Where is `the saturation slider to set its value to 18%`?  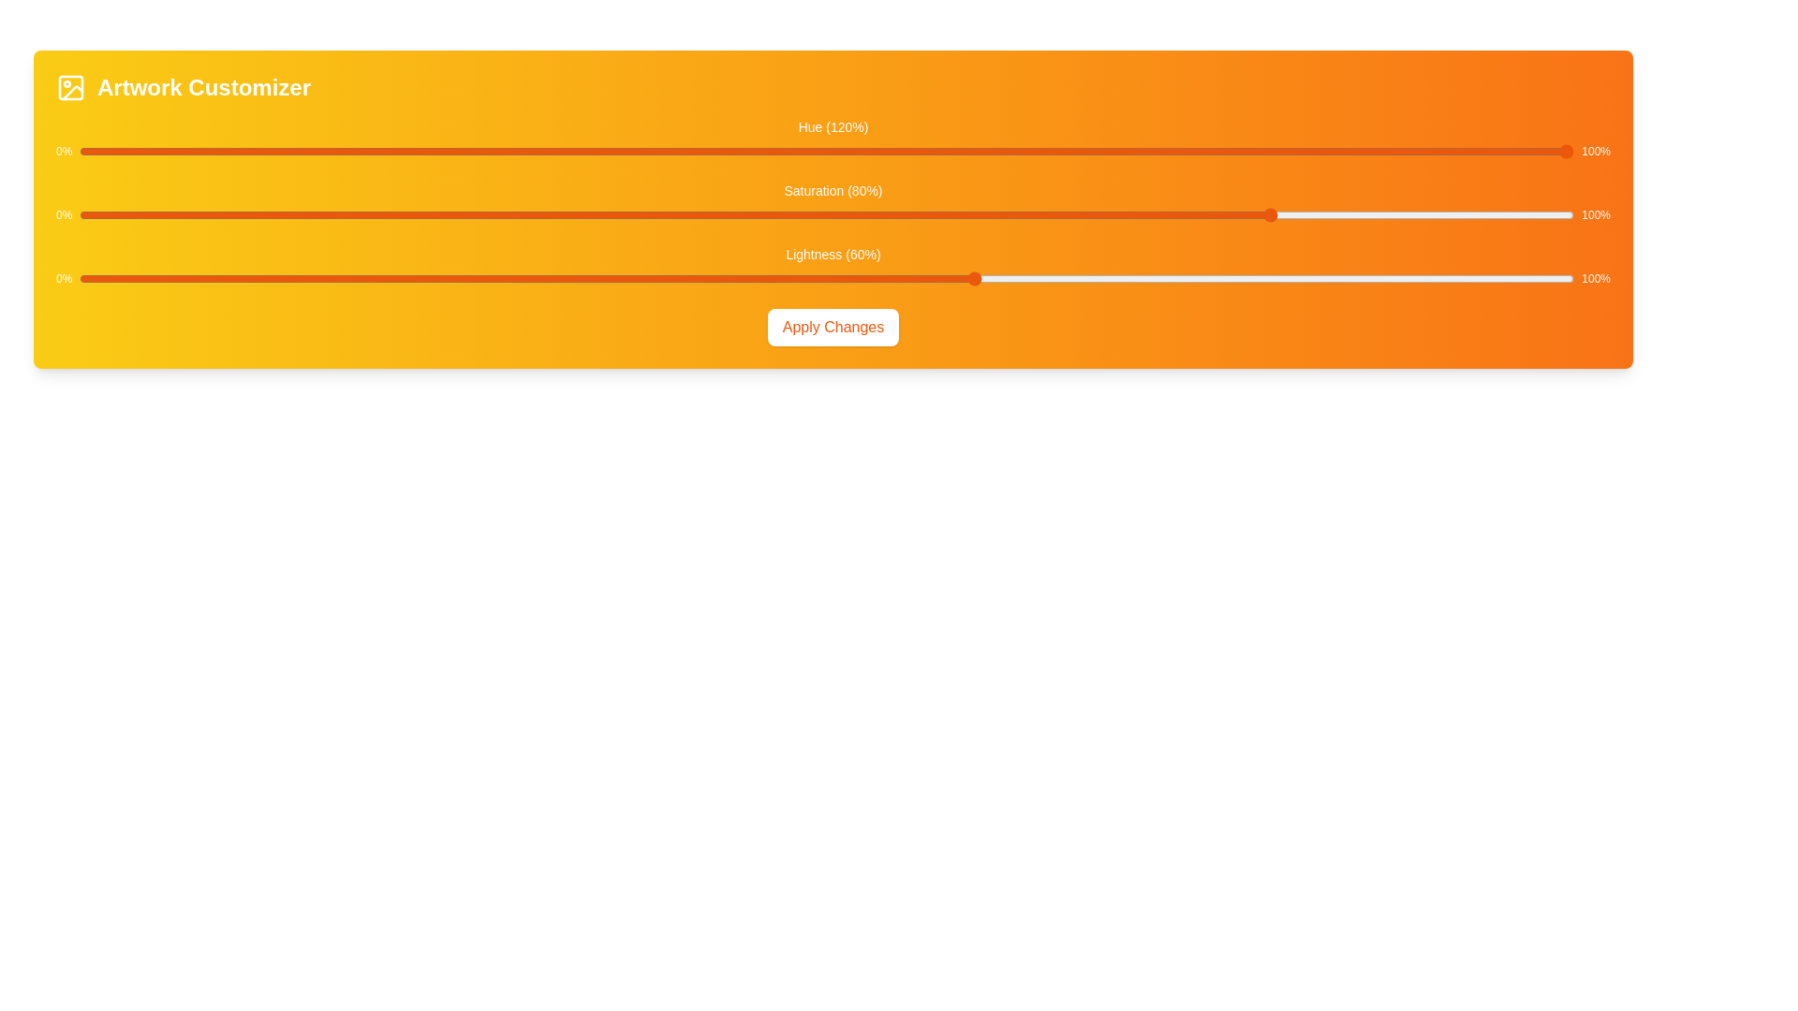 the saturation slider to set its value to 18% is located at coordinates (348, 214).